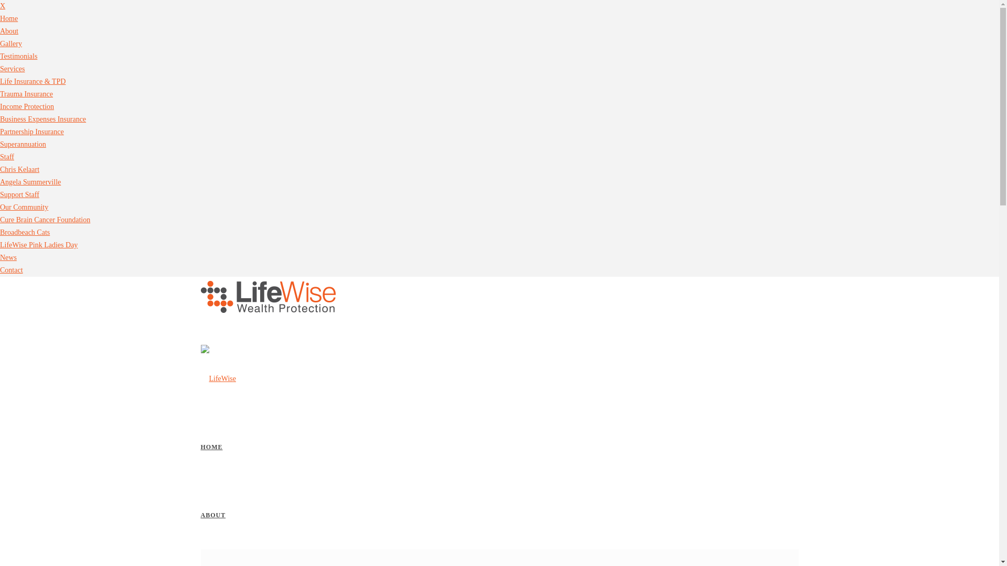 The width and height of the screenshot is (1007, 566). I want to click on 'Staff', so click(7, 157).